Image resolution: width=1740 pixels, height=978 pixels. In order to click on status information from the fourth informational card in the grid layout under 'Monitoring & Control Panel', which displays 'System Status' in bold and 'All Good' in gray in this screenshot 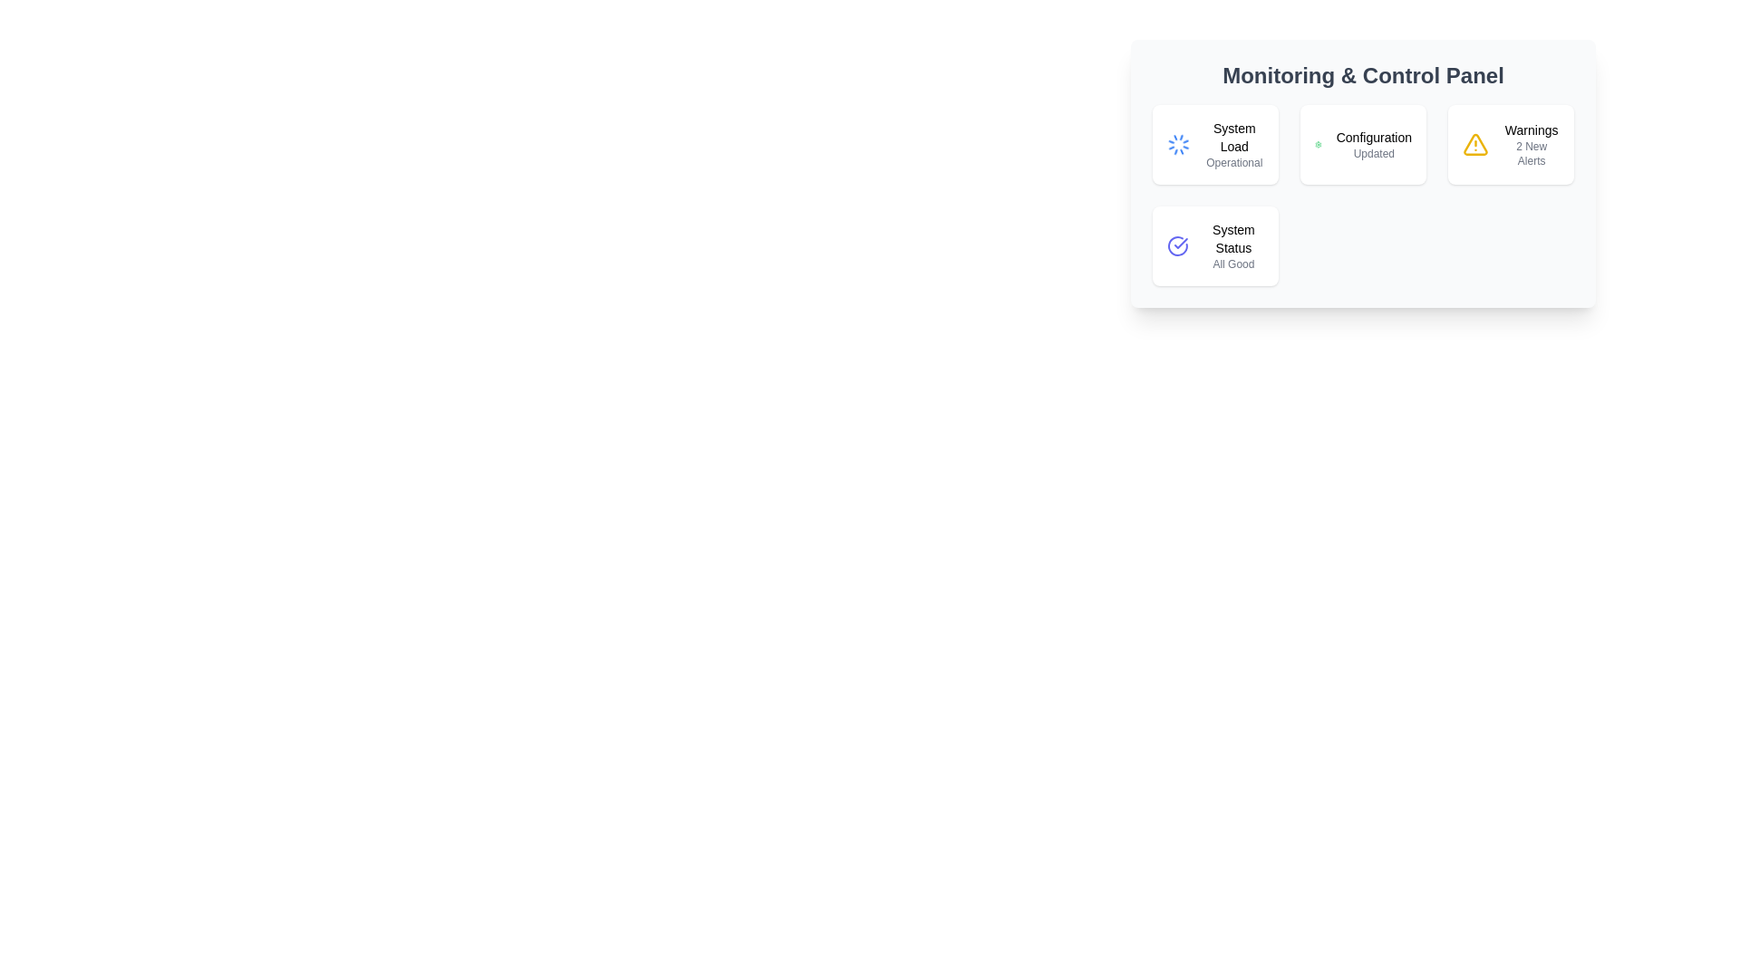, I will do `click(1215, 246)`.